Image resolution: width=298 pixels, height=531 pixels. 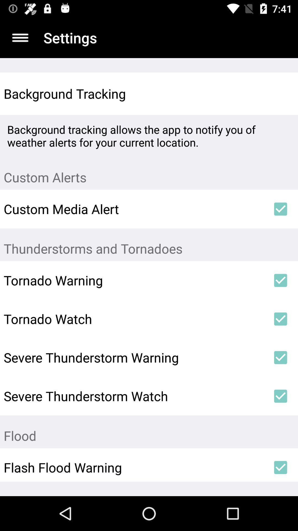 What do you see at coordinates (281, 94) in the screenshot?
I see `item to the right of background tracking` at bounding box center [281, 94].